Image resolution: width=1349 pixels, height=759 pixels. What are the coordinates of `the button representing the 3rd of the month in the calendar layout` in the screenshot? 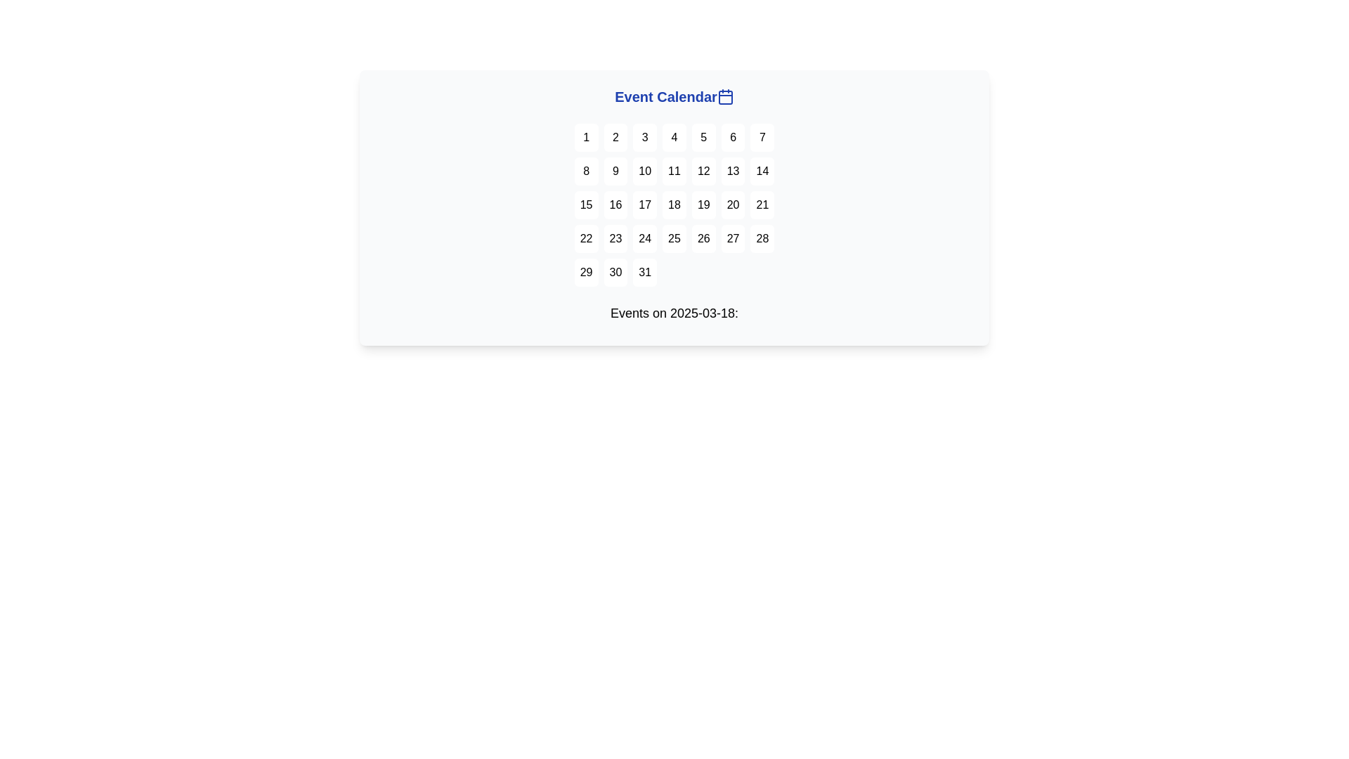 It's located at (644, 138).